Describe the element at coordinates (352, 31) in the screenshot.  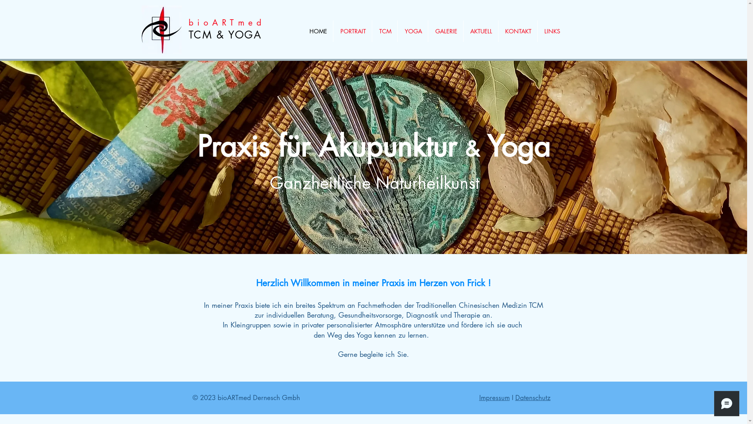
I see `'PORTRAIT'` at that location.